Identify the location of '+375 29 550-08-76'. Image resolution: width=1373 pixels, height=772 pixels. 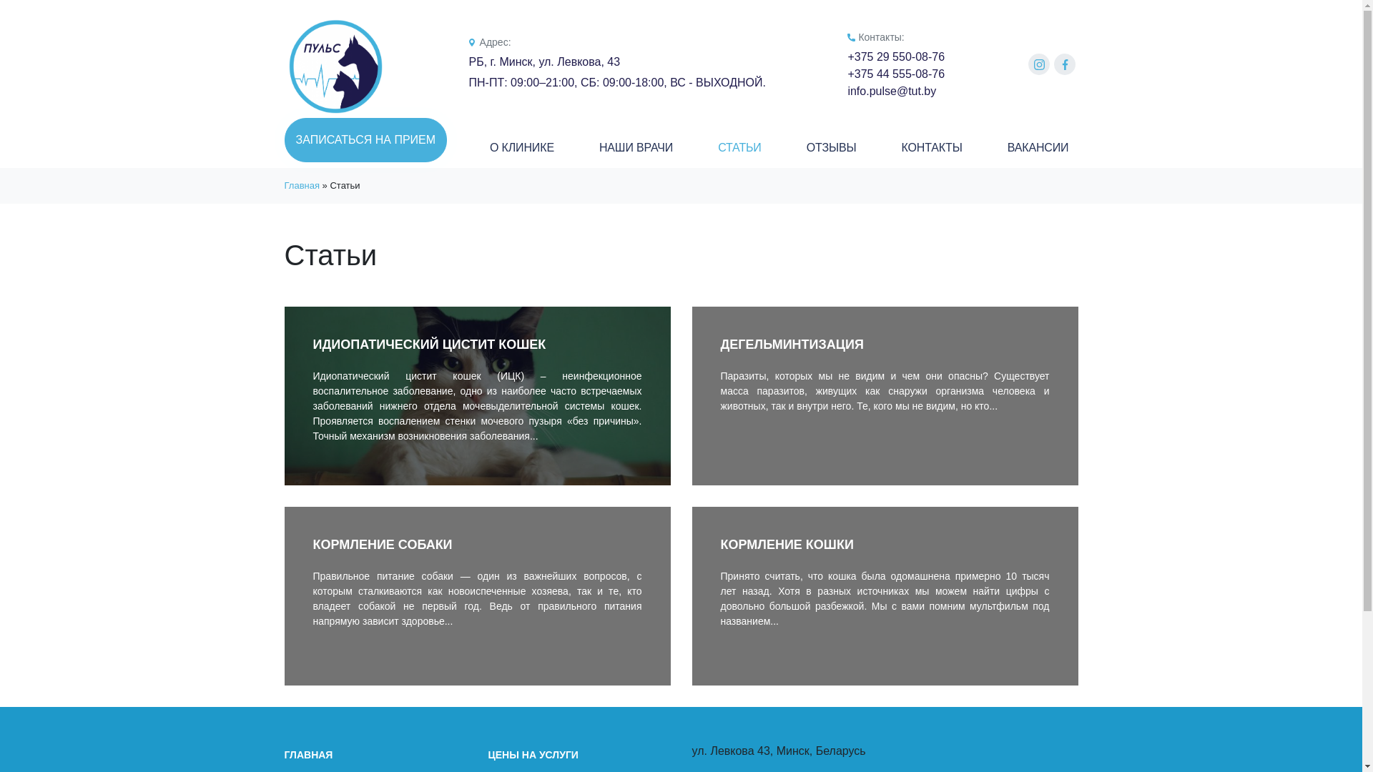
(847, 56).